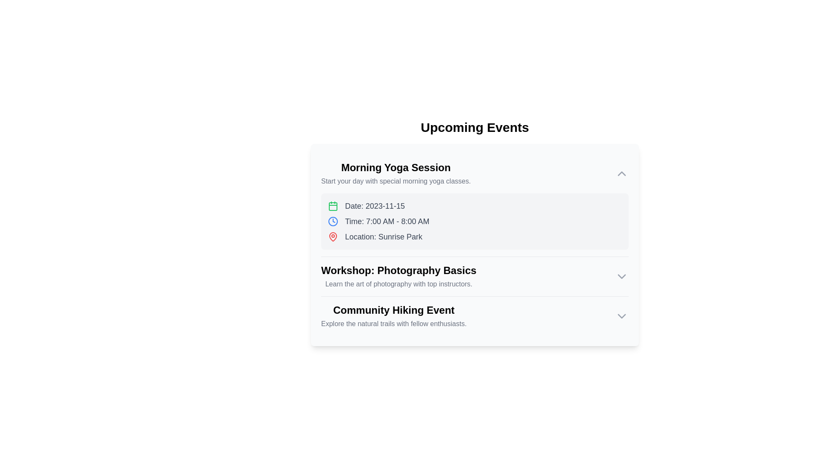 Image resolution: width=820 pixels, height=461 pixels. Describe the element at coordinates (621, 173) in the screenshot. I see `the upward-pointing gray chevron icon located in the top-right corner of the 'Morning Yoga Session' event card` at that location.